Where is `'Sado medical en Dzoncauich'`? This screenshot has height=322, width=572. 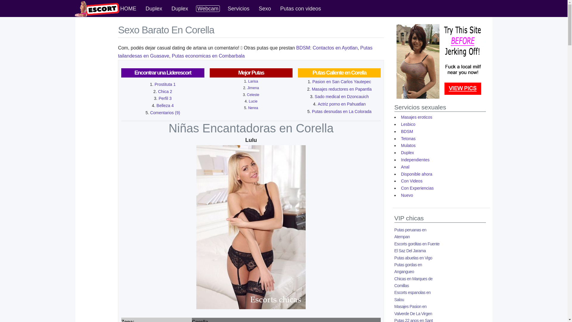 'Sado medical en Dzoncauich' is located at coordinates (314, 96).